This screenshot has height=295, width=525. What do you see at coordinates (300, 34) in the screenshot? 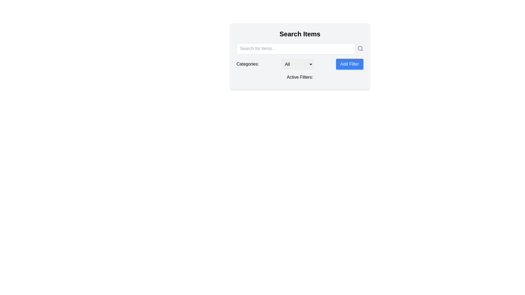
I see `the prominently displayed text label 'Search Items', which is styled in bold, large typography and located at the top of a card-like section` at bounding box center [300, 34].